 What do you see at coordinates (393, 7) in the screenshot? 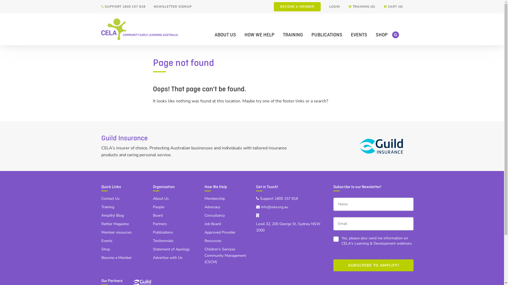
I see `'CART (0)'` at bounding box center [393, 7].